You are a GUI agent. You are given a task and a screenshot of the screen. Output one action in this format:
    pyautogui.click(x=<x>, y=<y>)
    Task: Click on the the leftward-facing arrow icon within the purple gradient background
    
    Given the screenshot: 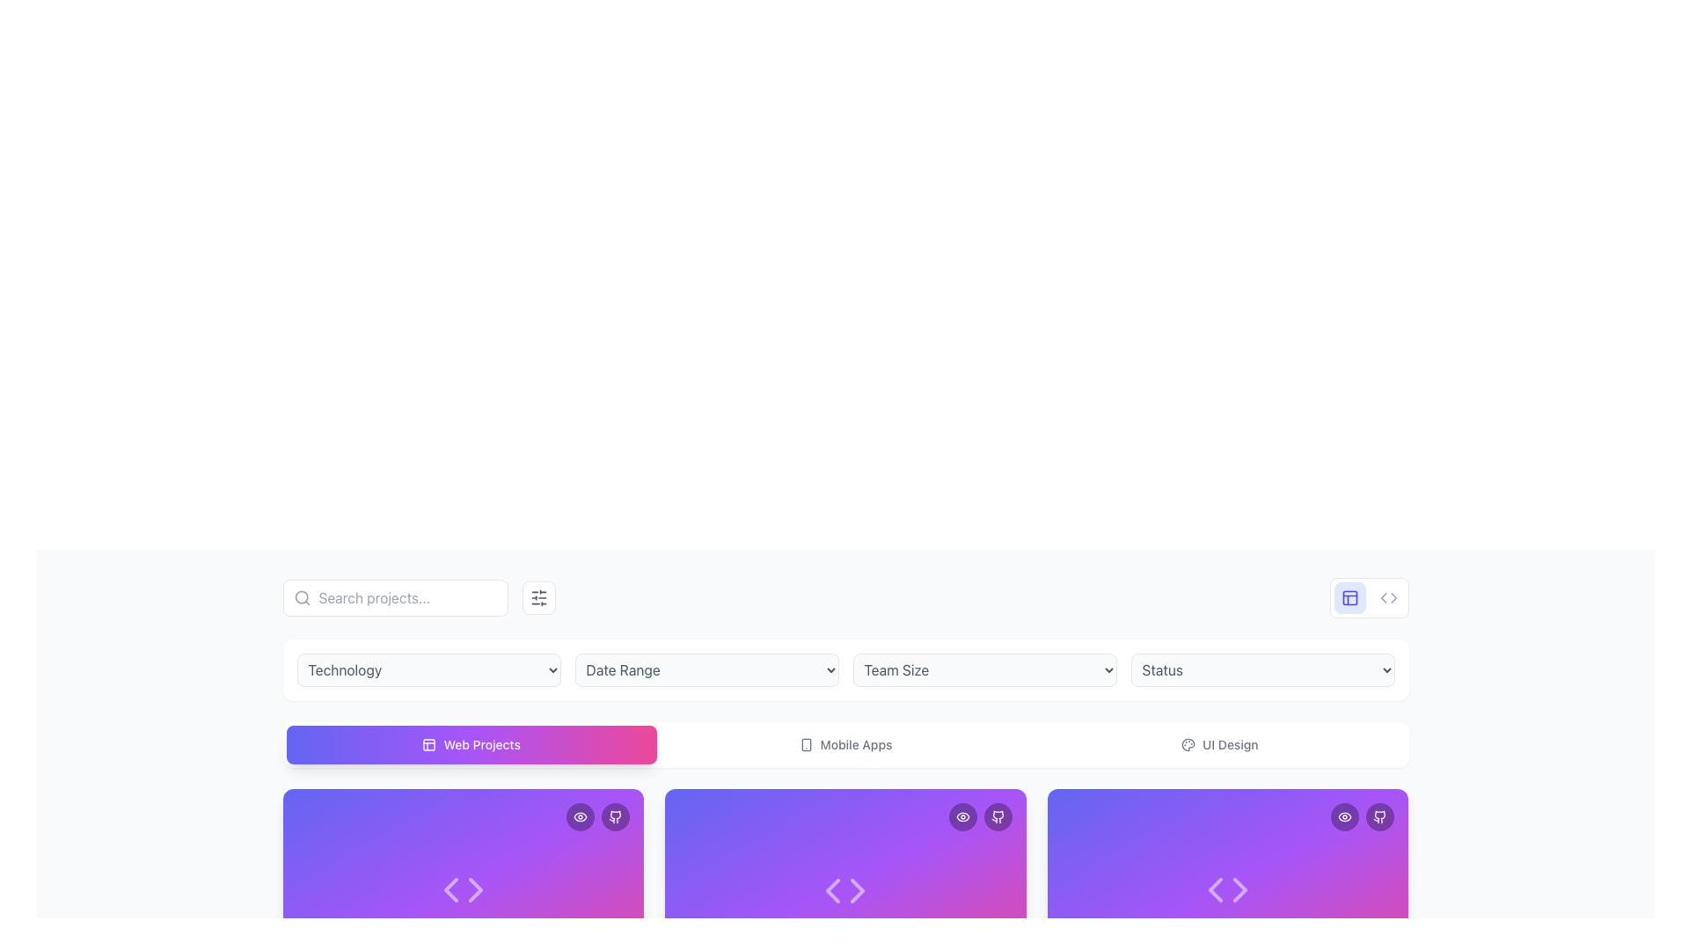 What is the action you would take?
    pyautogui.click(x=832, y=890)
    